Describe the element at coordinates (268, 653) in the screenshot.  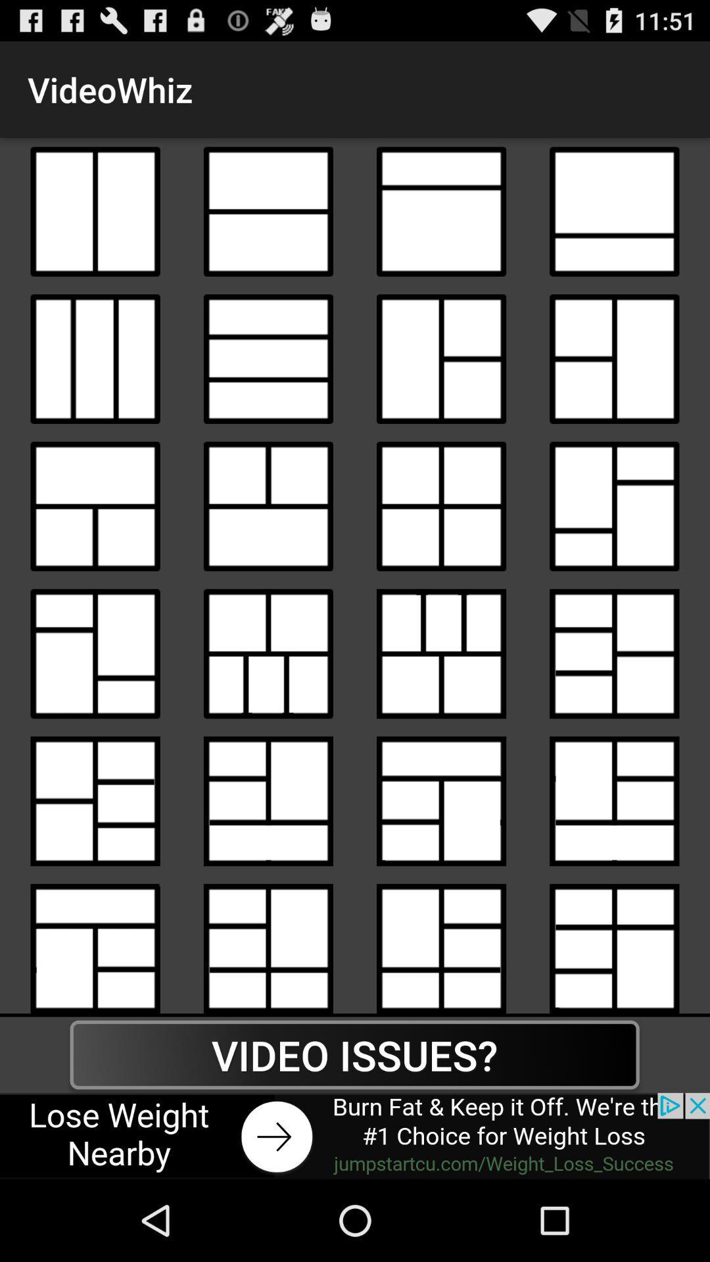
I see `design` at that location.